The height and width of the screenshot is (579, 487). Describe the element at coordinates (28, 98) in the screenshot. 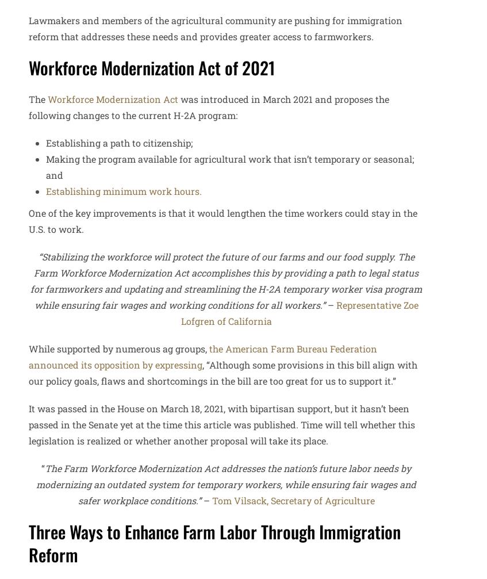

I see `'The'` at that location.